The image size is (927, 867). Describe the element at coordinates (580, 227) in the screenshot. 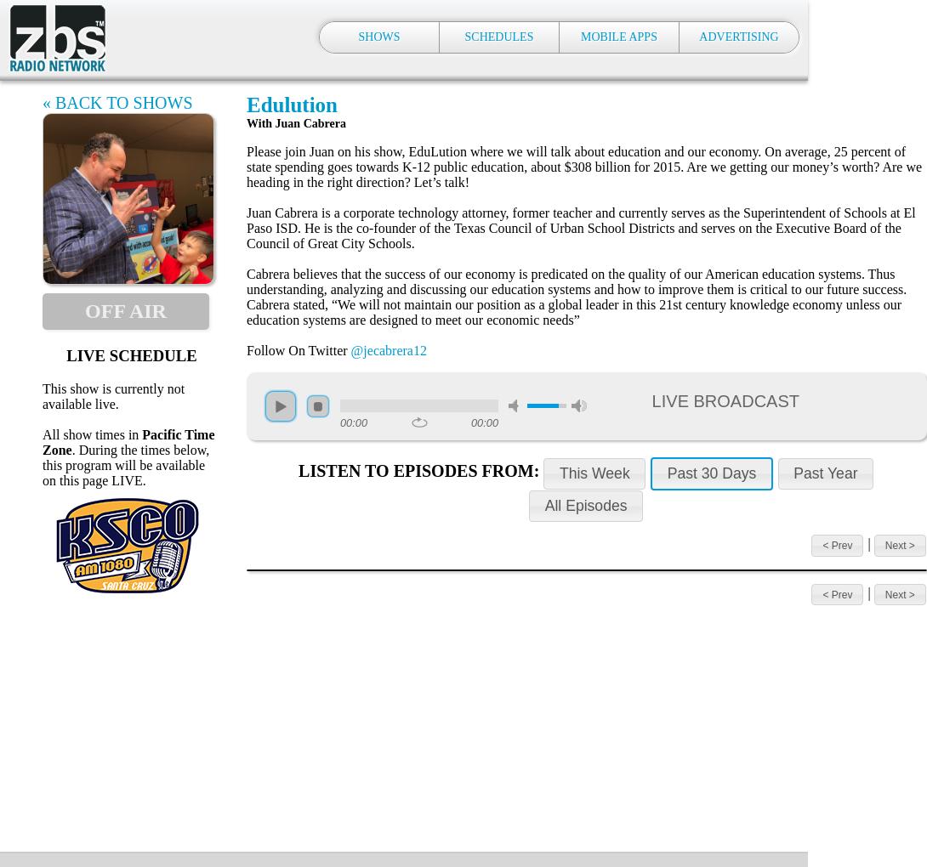

I see `'Juan Cabrera is a corporate technology attorney, former teacher and currently serves as the Superintendent of Schools at El Paso ISD. He is the co-founder of the Texas Council of Urban School Districts and serves on the Executive Board of the Council of Great City Schools.'` at that location.